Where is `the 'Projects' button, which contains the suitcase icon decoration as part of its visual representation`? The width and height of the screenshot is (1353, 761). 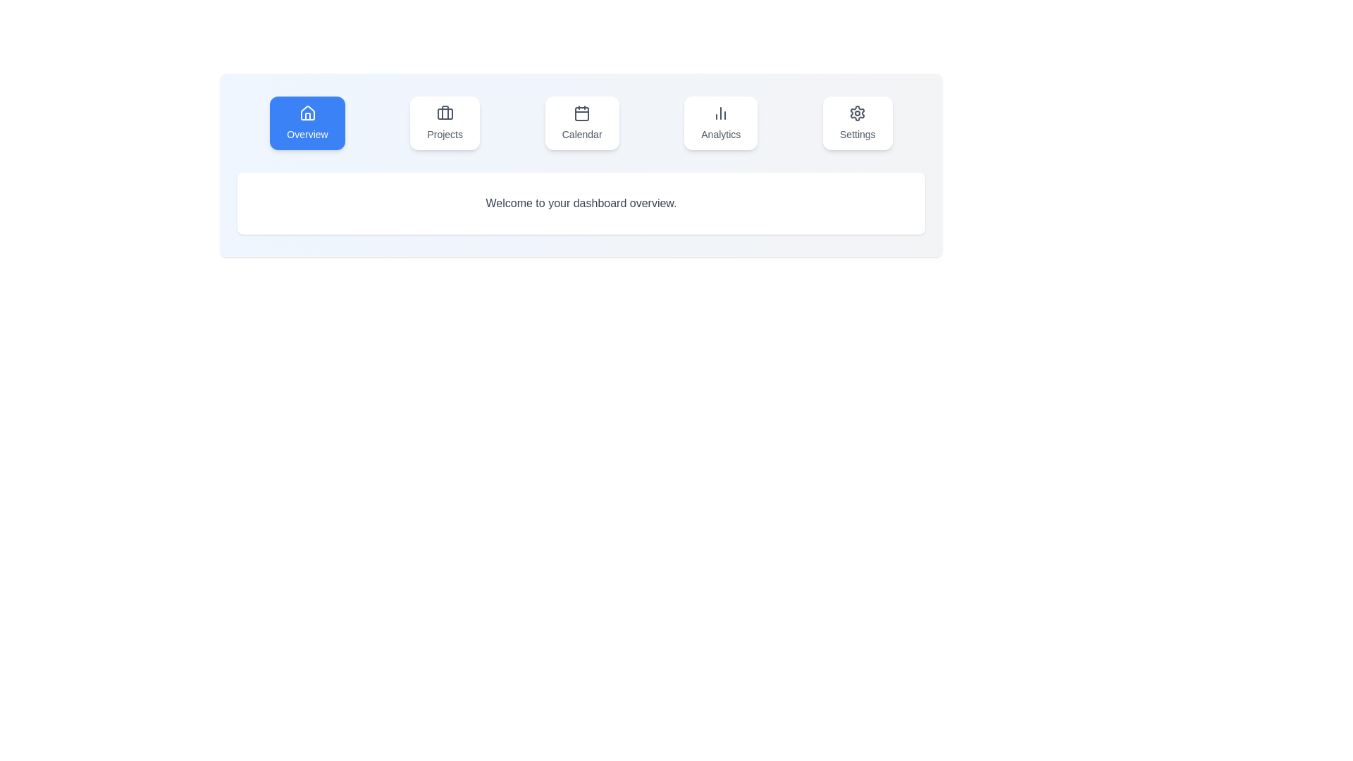
the 'Projects' button, which contains the suitcase icon decoration as part of its visual representation is located at coordinates (444, 111).